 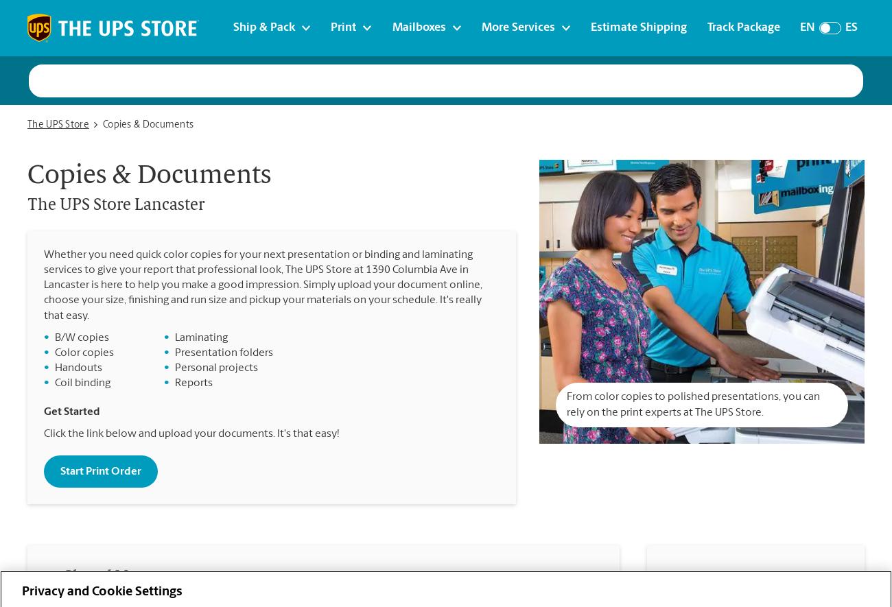 What do you see at coordinates (849, 27) in the screenshot?
I see `'Es'` at bounding box center [849, 27].